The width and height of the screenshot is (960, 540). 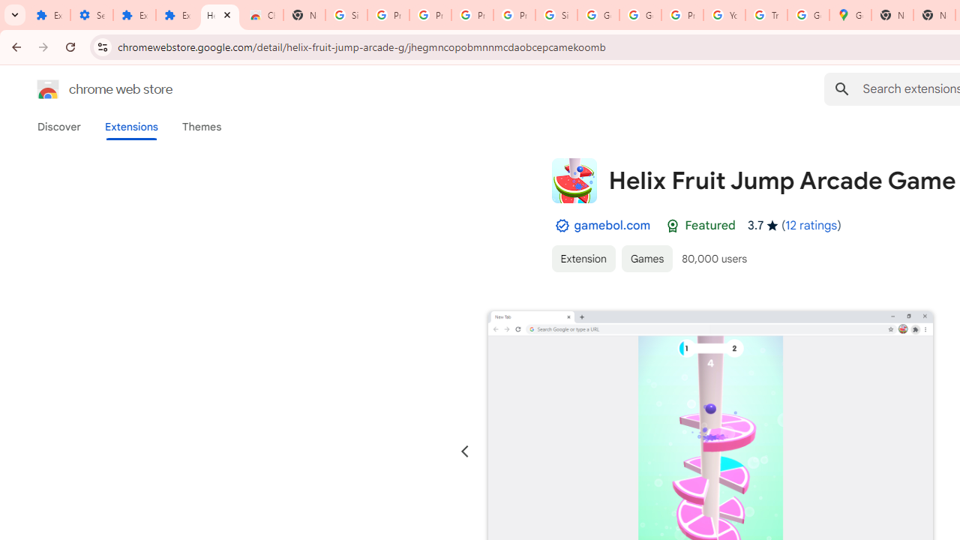 I want to click on 'Games', so click(x=647, y=257).